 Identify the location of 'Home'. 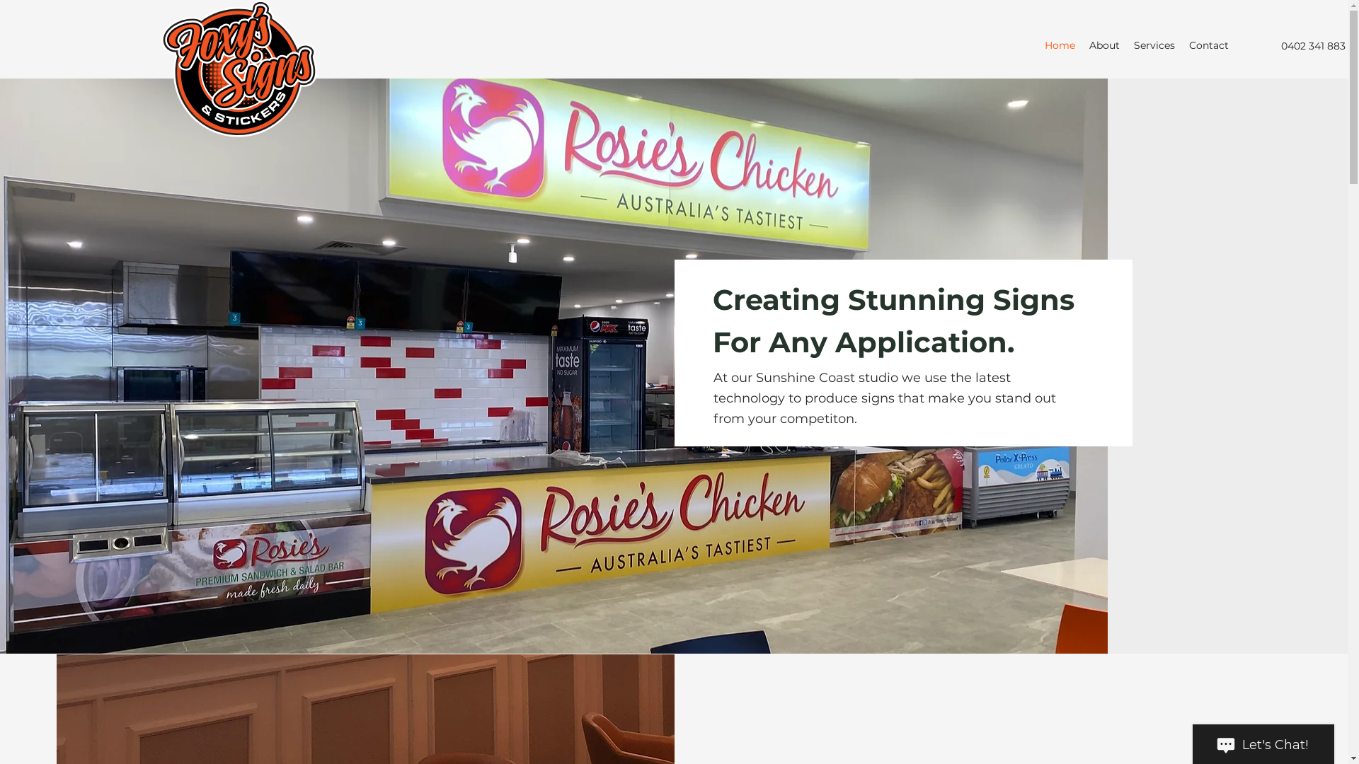
(1060, 45).